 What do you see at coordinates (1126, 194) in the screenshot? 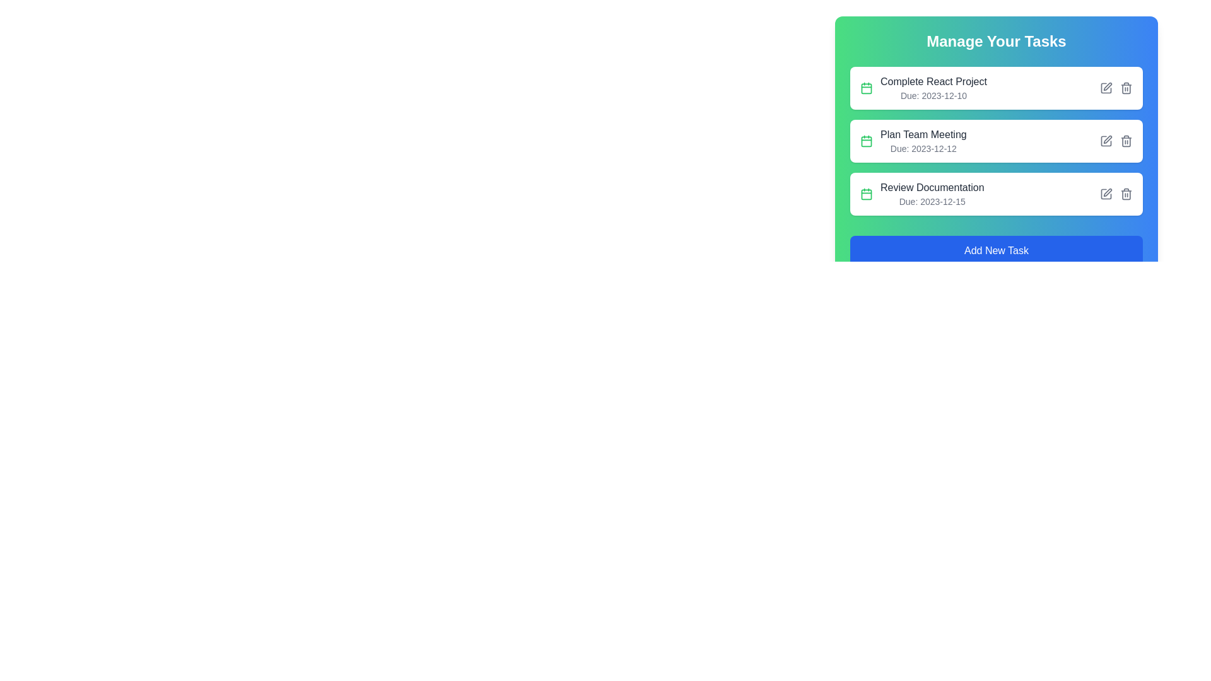
I see `the trash bin icon located in the 'Manage Your Tasks' interface, specifically to the right of the editing pencil icon in the task list item titled 'Review Documentation'` at bounding box center [1126, 194].